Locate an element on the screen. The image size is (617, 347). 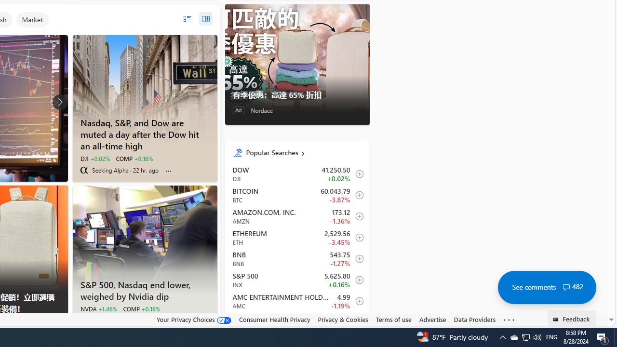
'Feedback' is located at coordinates (572, 318).